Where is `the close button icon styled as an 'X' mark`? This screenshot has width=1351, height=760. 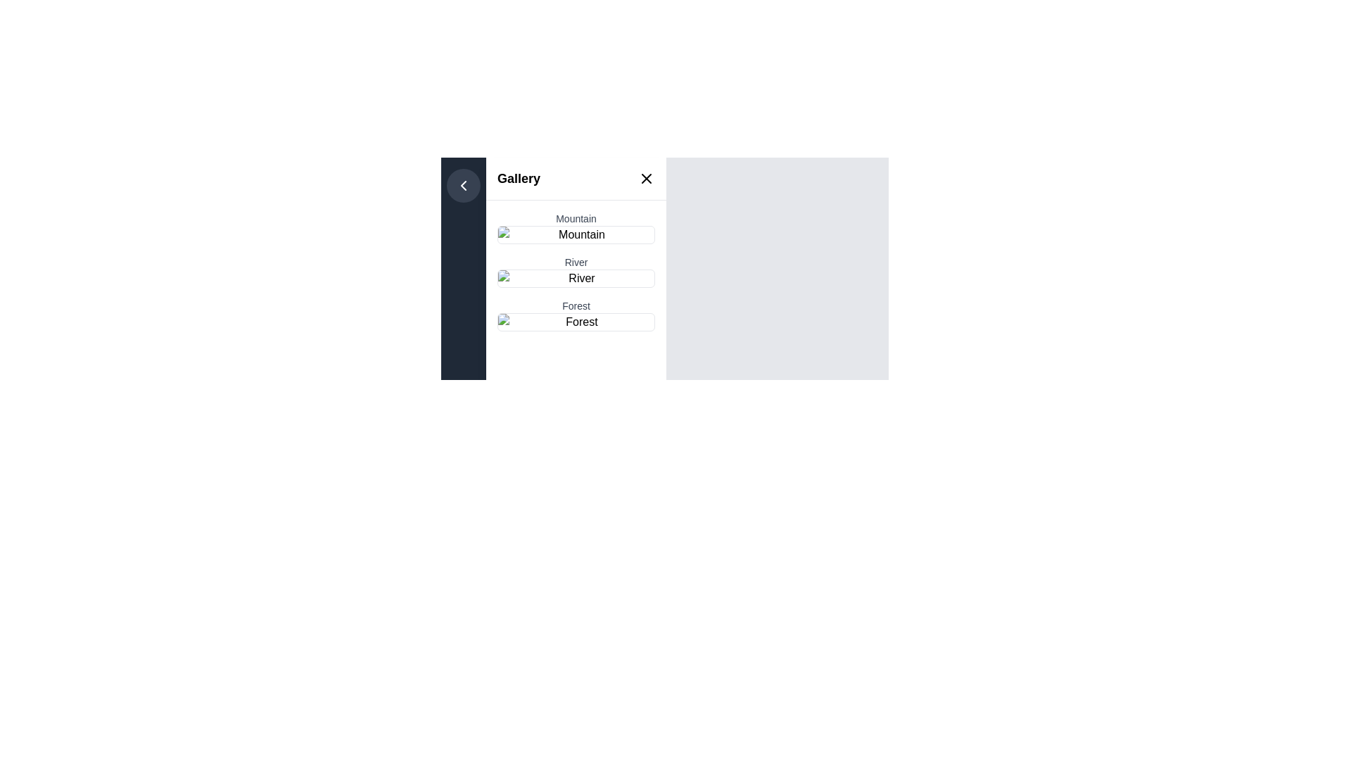
the close button icon styled as an 'X' mark is located at coordinates (645, 178).